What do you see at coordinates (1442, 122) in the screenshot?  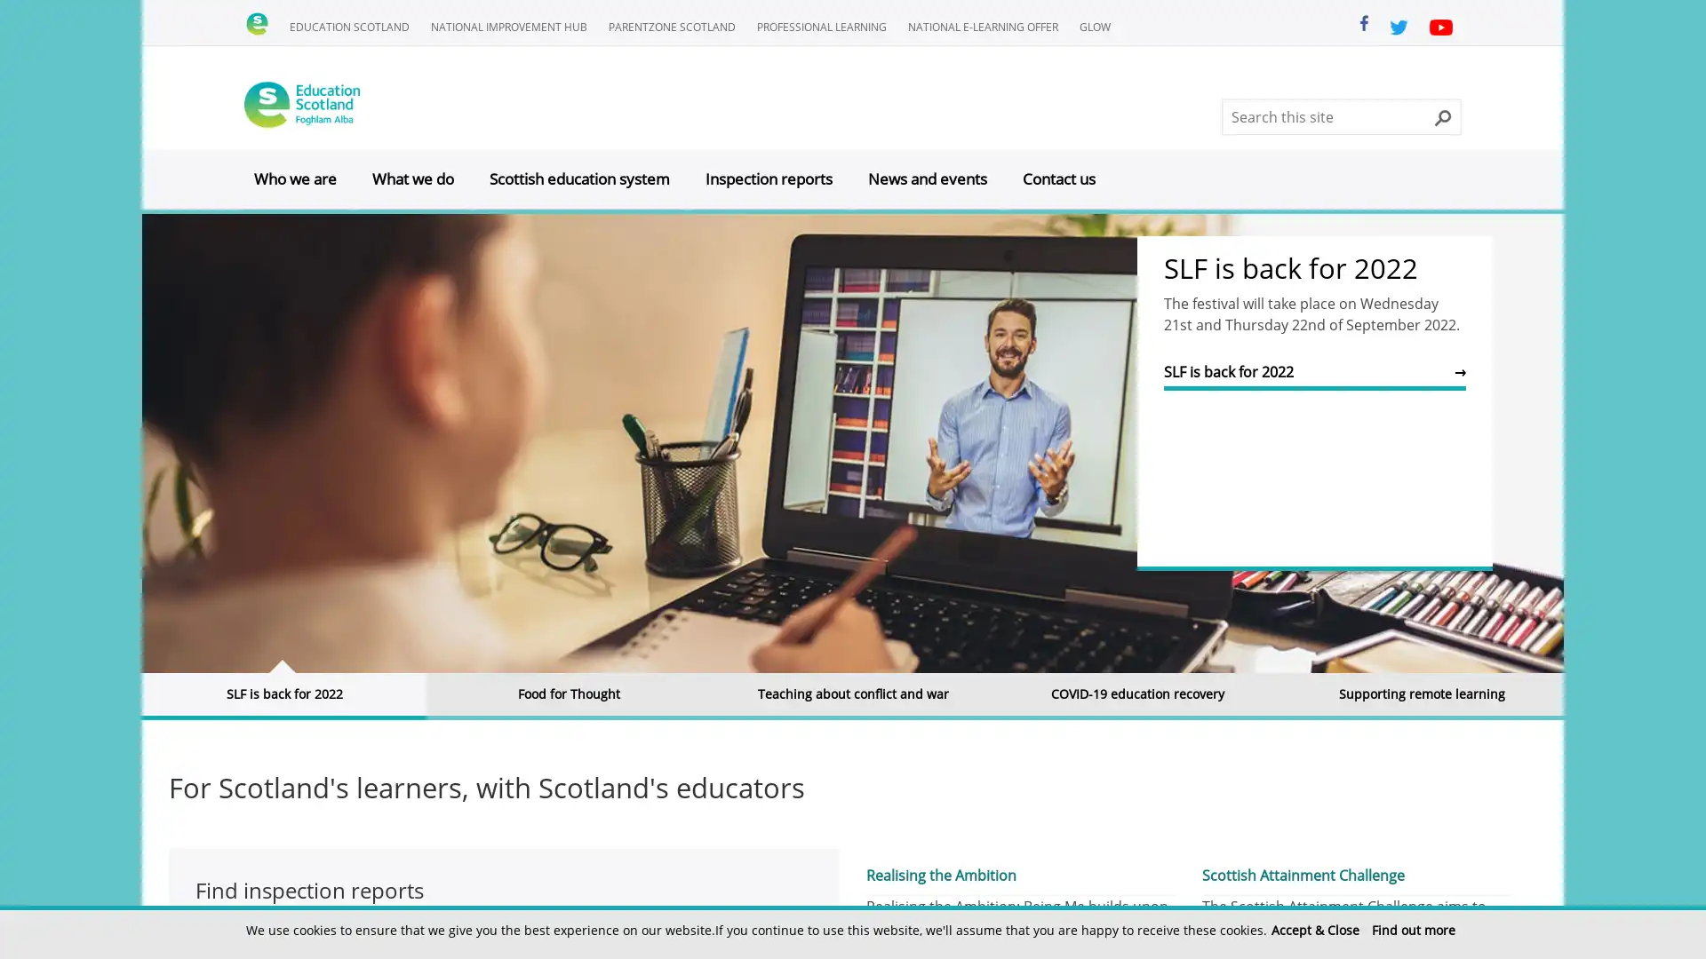 I see `Search this site button` at bounding box center [1442, 122].